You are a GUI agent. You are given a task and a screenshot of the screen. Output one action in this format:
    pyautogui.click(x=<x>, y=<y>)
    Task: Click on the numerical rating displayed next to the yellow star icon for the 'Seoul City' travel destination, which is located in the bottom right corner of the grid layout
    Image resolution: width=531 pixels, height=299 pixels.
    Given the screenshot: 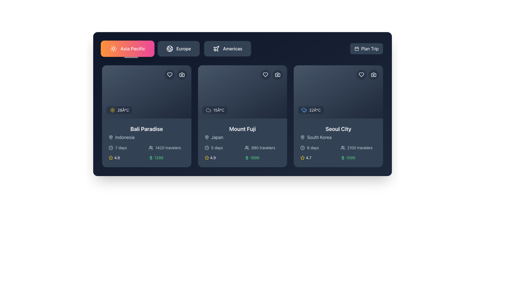 What is the action you would take?
    pyautogui.click(x=308, y=158)
    